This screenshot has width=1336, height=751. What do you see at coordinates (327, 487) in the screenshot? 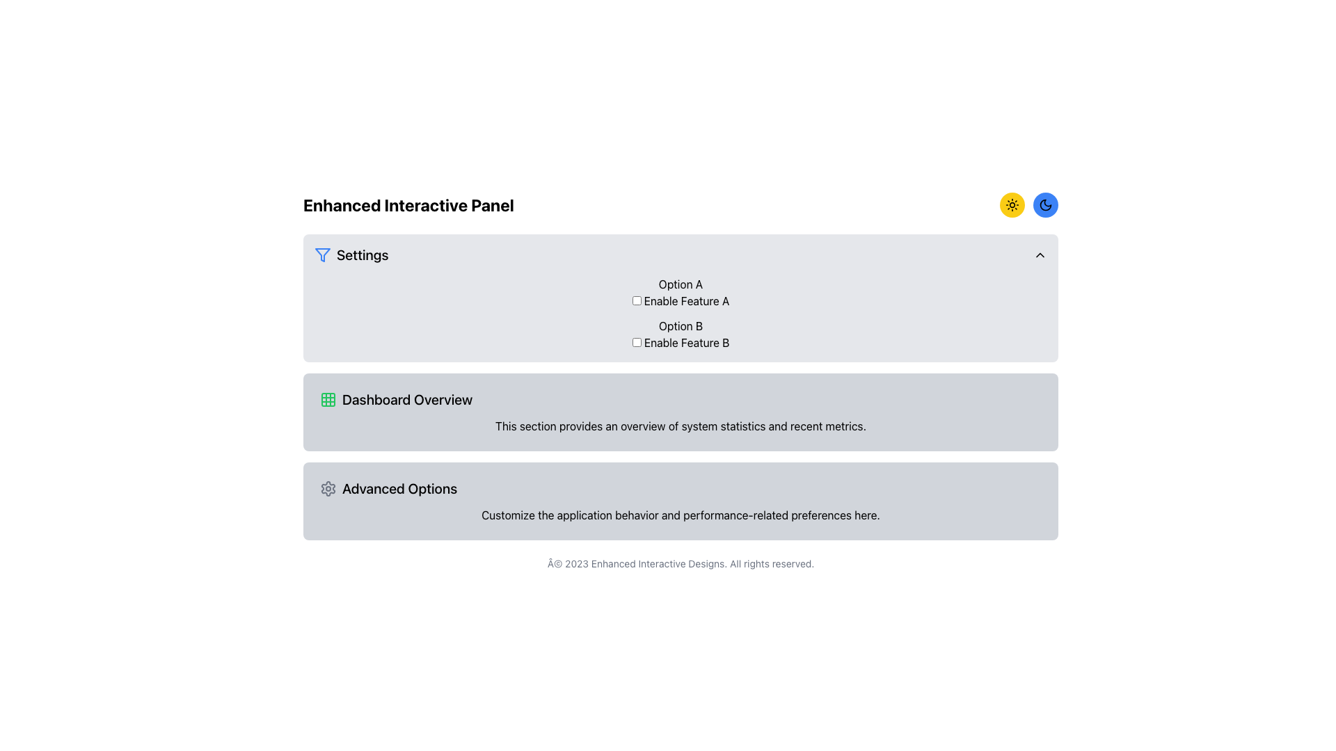
I see `the gear-like icon with rounded edges and a central circular shape, which is positioned to the left of the 'Advanced Options' text in the third row of settings under 'Dashboard Overview'` at bounding box center [327, 487].